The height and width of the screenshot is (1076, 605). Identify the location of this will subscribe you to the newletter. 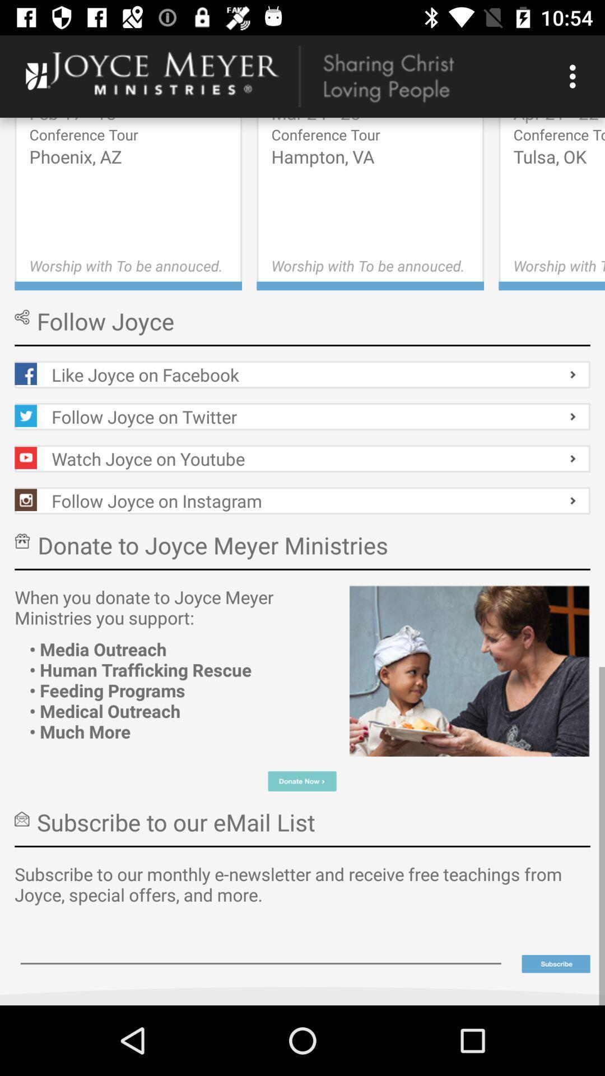
(556, 963).